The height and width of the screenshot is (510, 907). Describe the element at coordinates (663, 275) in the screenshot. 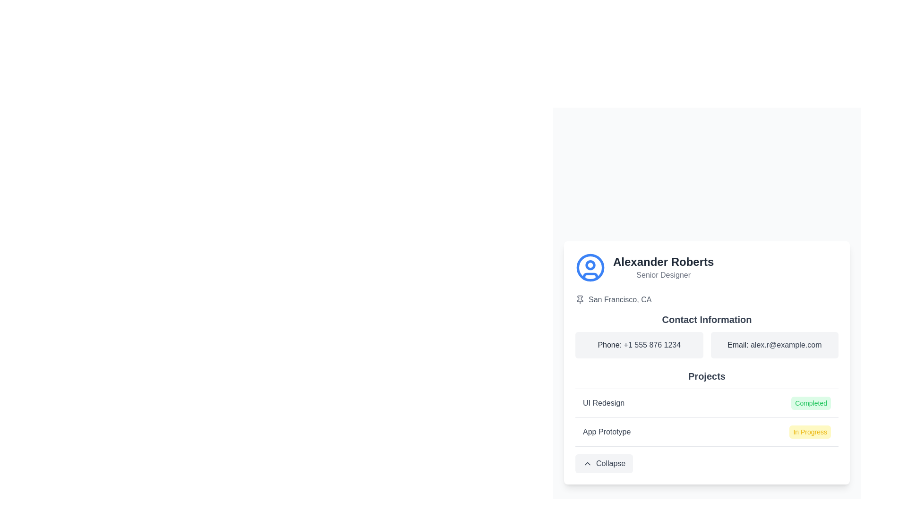

I see `text of the Text Label located immediately under 'Alexander Roberts' in the card layout` at that location.